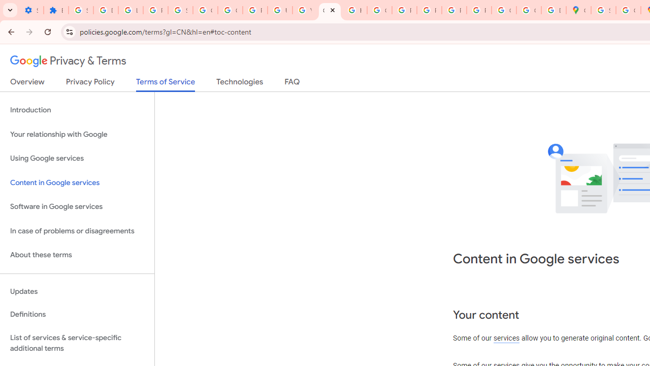  I want to click on 'Google Account Help', so click(205, 10).